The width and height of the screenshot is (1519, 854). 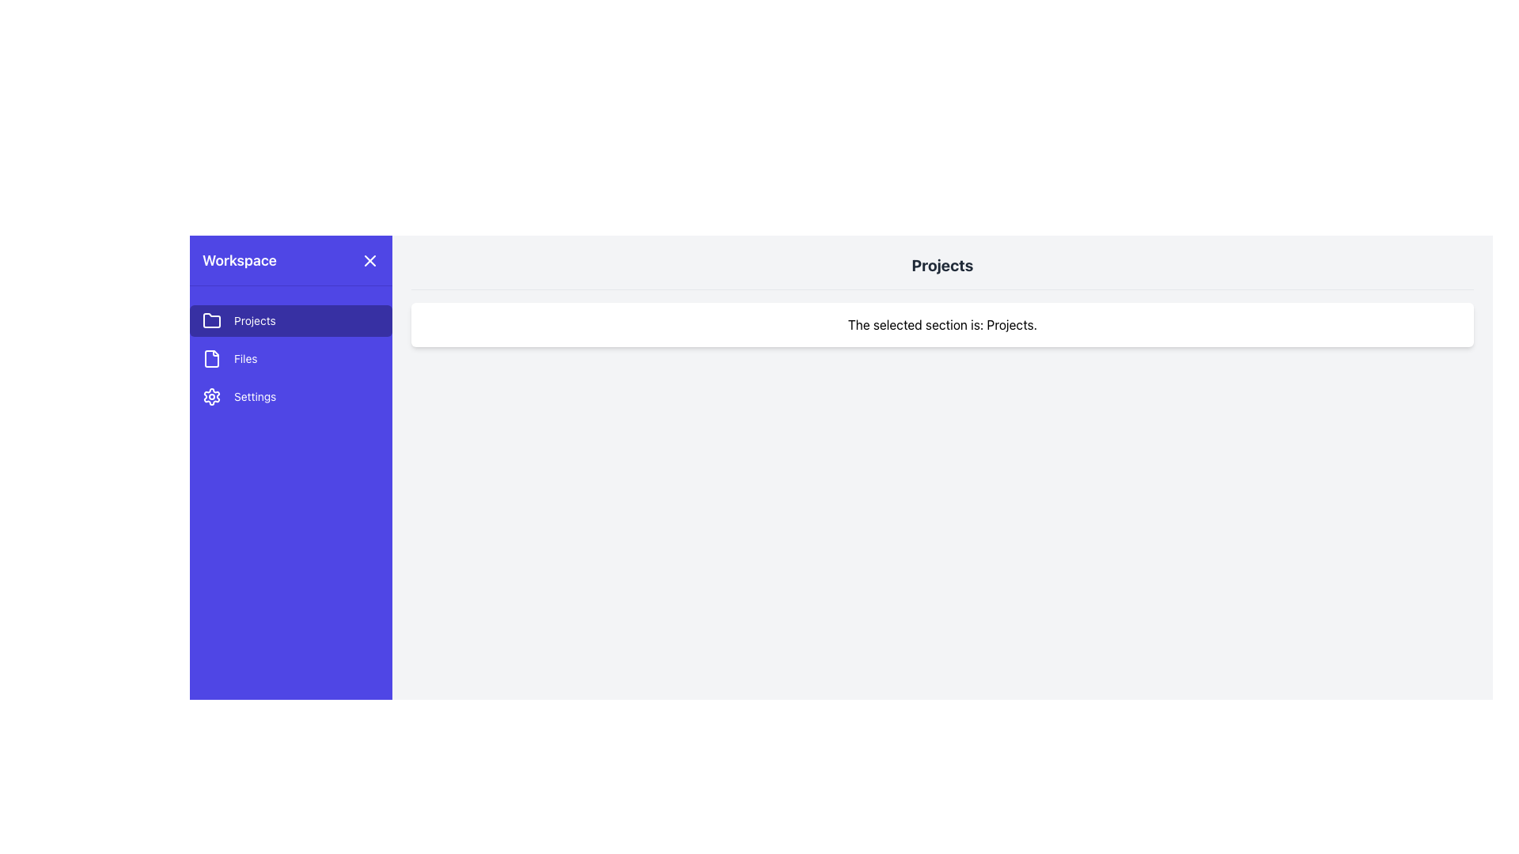 I want to click on the white, rounded rectangle Text Label that contains the text 'The selected section is: Projects.', so click(x=942, y=324).